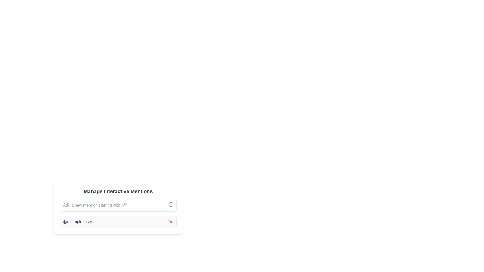 This screenshot has height=272, width=484. What do you see at coordinates (118, 205) in the screenshot?
I see `the blue circular button on the far-right end of the input box with placeholder text 'Add a new mention starting with '@''` at bounding box center [118, 205].